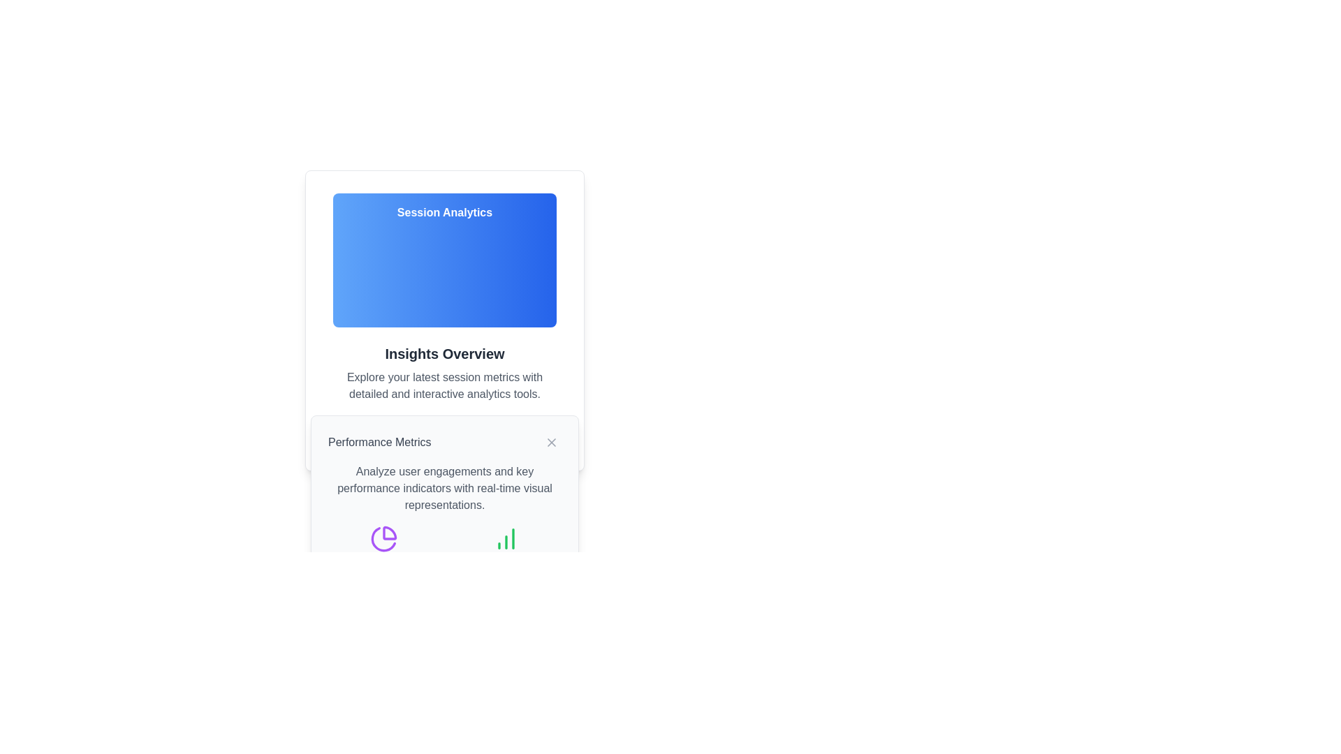 The height and width of the screenshot is (754, 1341). Describe the element at coordinates (444, 487) in the screenshot. I see `text block containing 'Analyze user engagements and key performance indicators with real-time visual representations.' styled in gray font, located below the 'Performance Metrics' title` at that location.